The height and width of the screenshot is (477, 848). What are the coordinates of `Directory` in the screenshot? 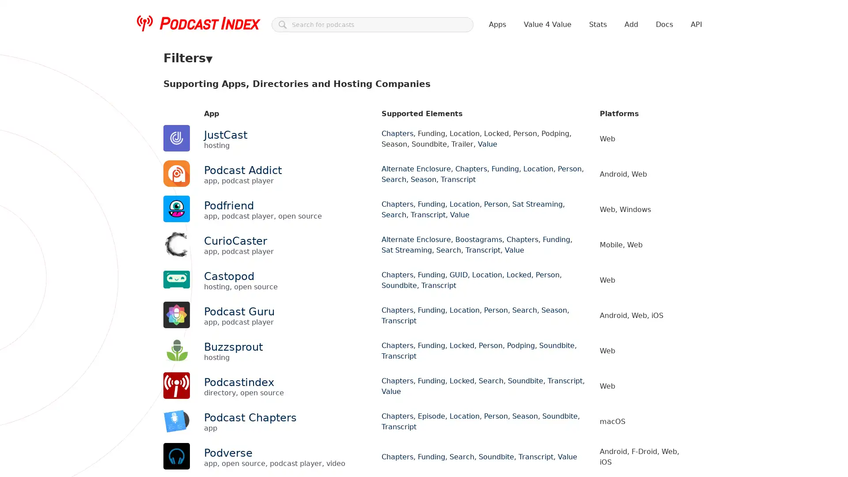 It's located at (333, 85).